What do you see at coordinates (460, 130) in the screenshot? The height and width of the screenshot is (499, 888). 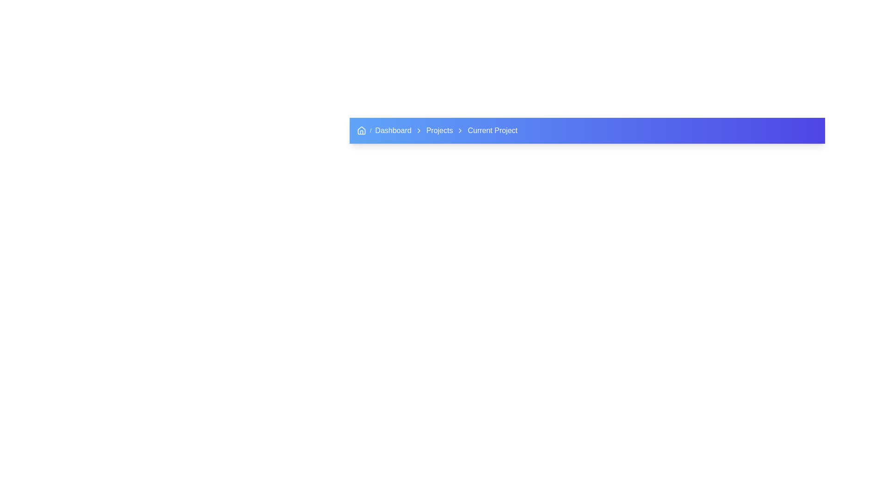 I see `the right-facing chevron icon in the breadcrumb navigation bar, located between the 'Projects' text and the 'Current Project' text` at bounding box center [460, 130].